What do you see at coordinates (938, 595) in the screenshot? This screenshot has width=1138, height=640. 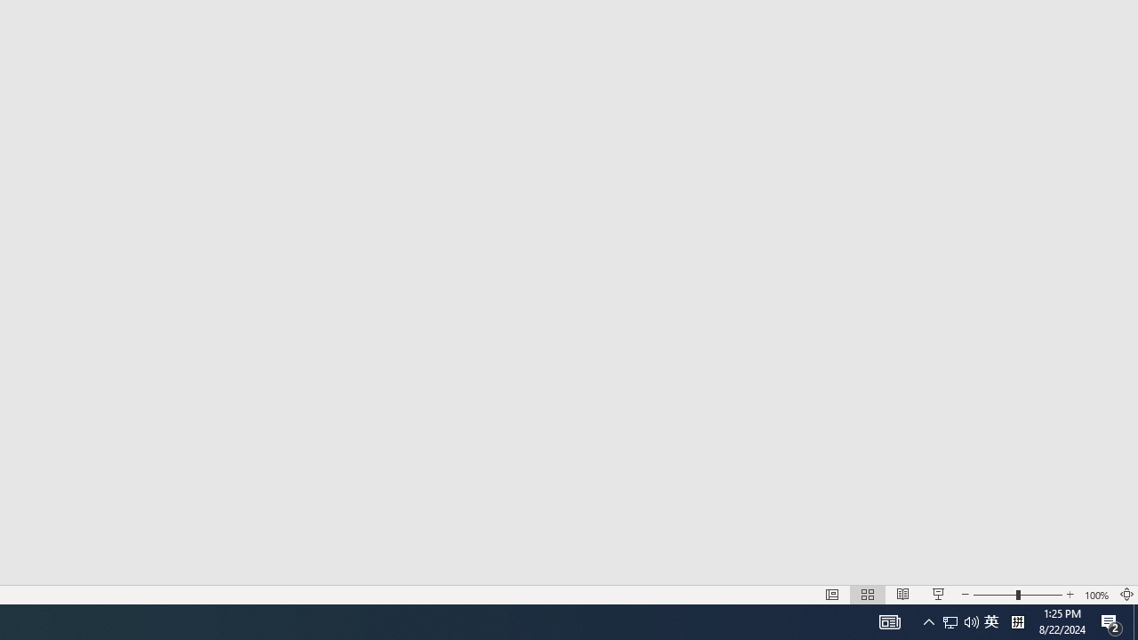 I see `'Slide Show'` at bounding box center [938, 595].